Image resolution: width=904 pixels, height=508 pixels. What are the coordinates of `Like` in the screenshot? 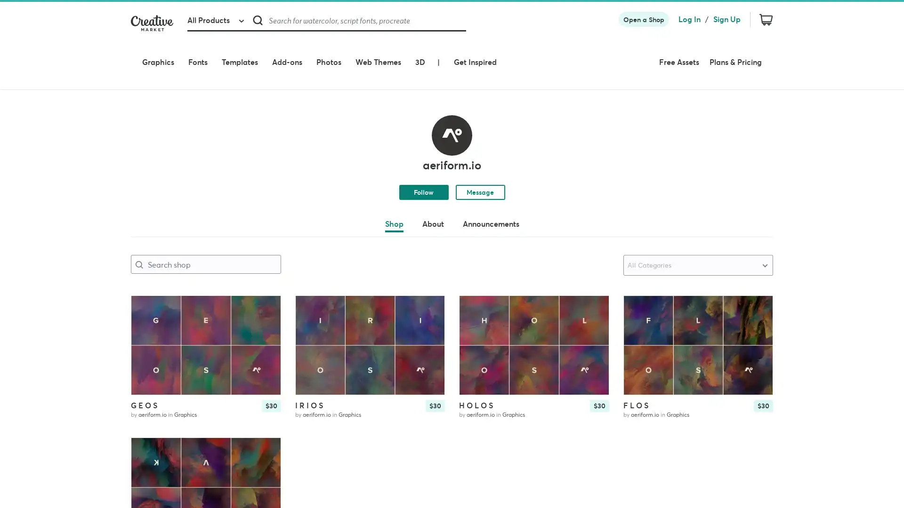 It's located at (265, 276).